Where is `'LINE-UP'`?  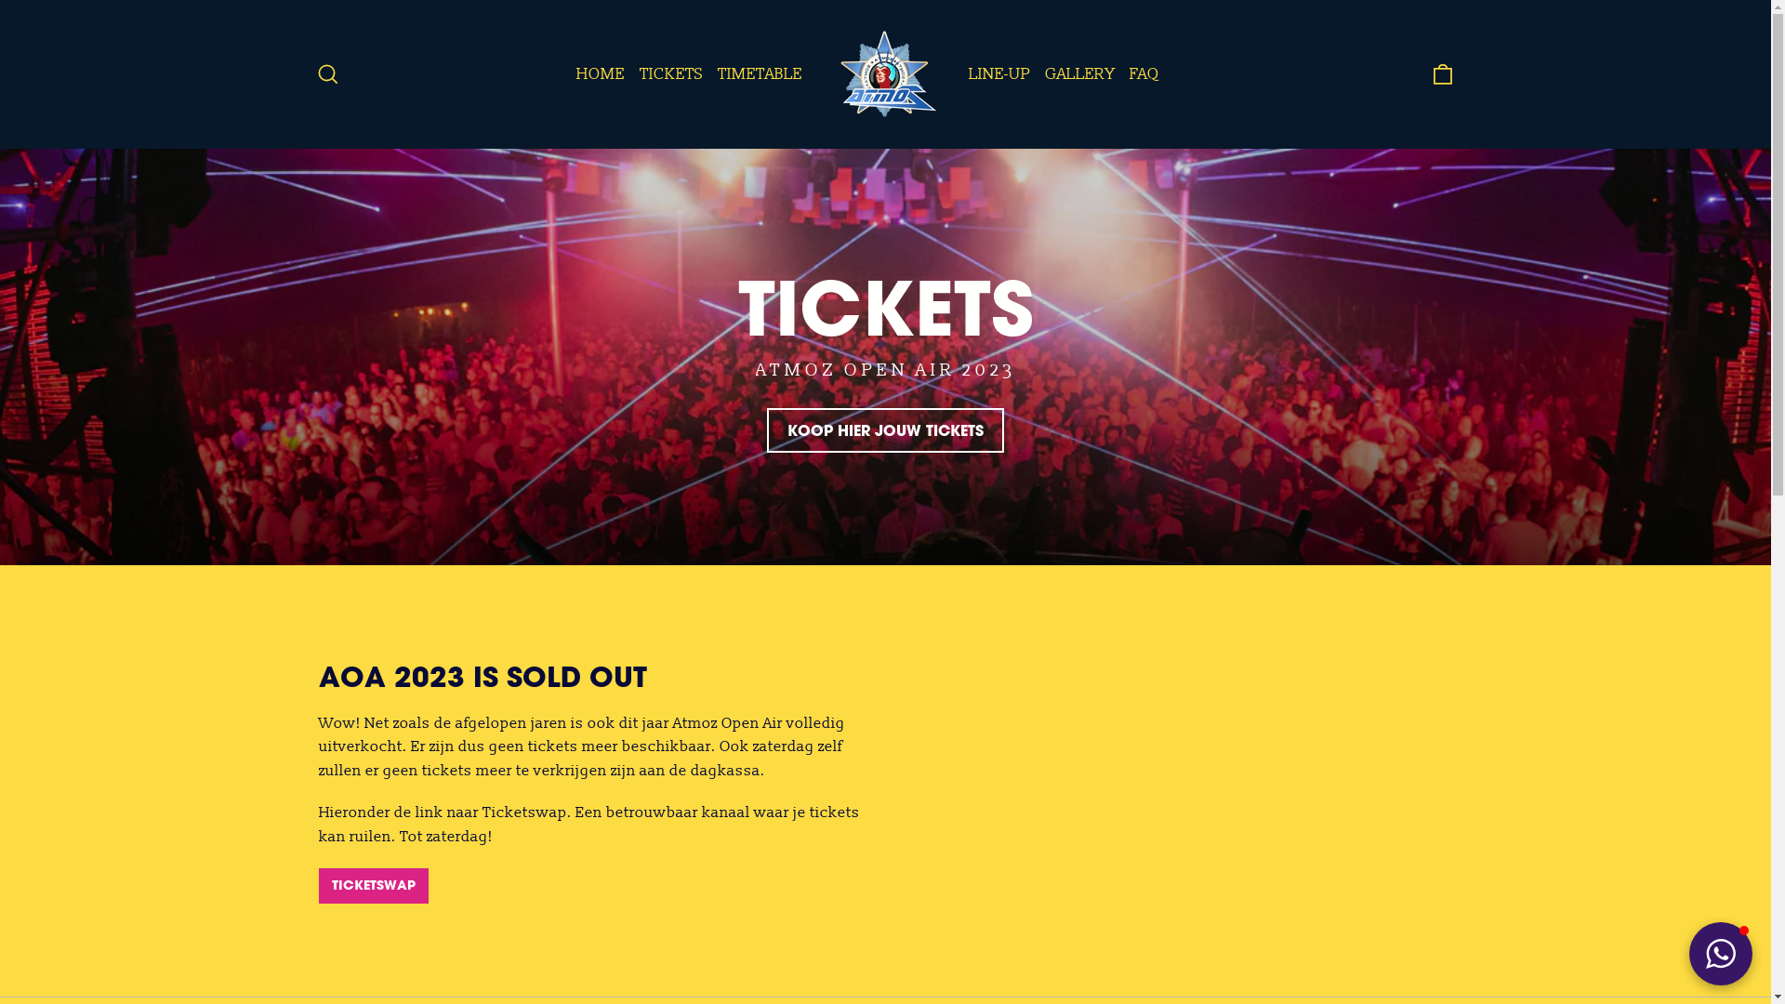
'LINE-UP' is located at coordinates (998, 73).